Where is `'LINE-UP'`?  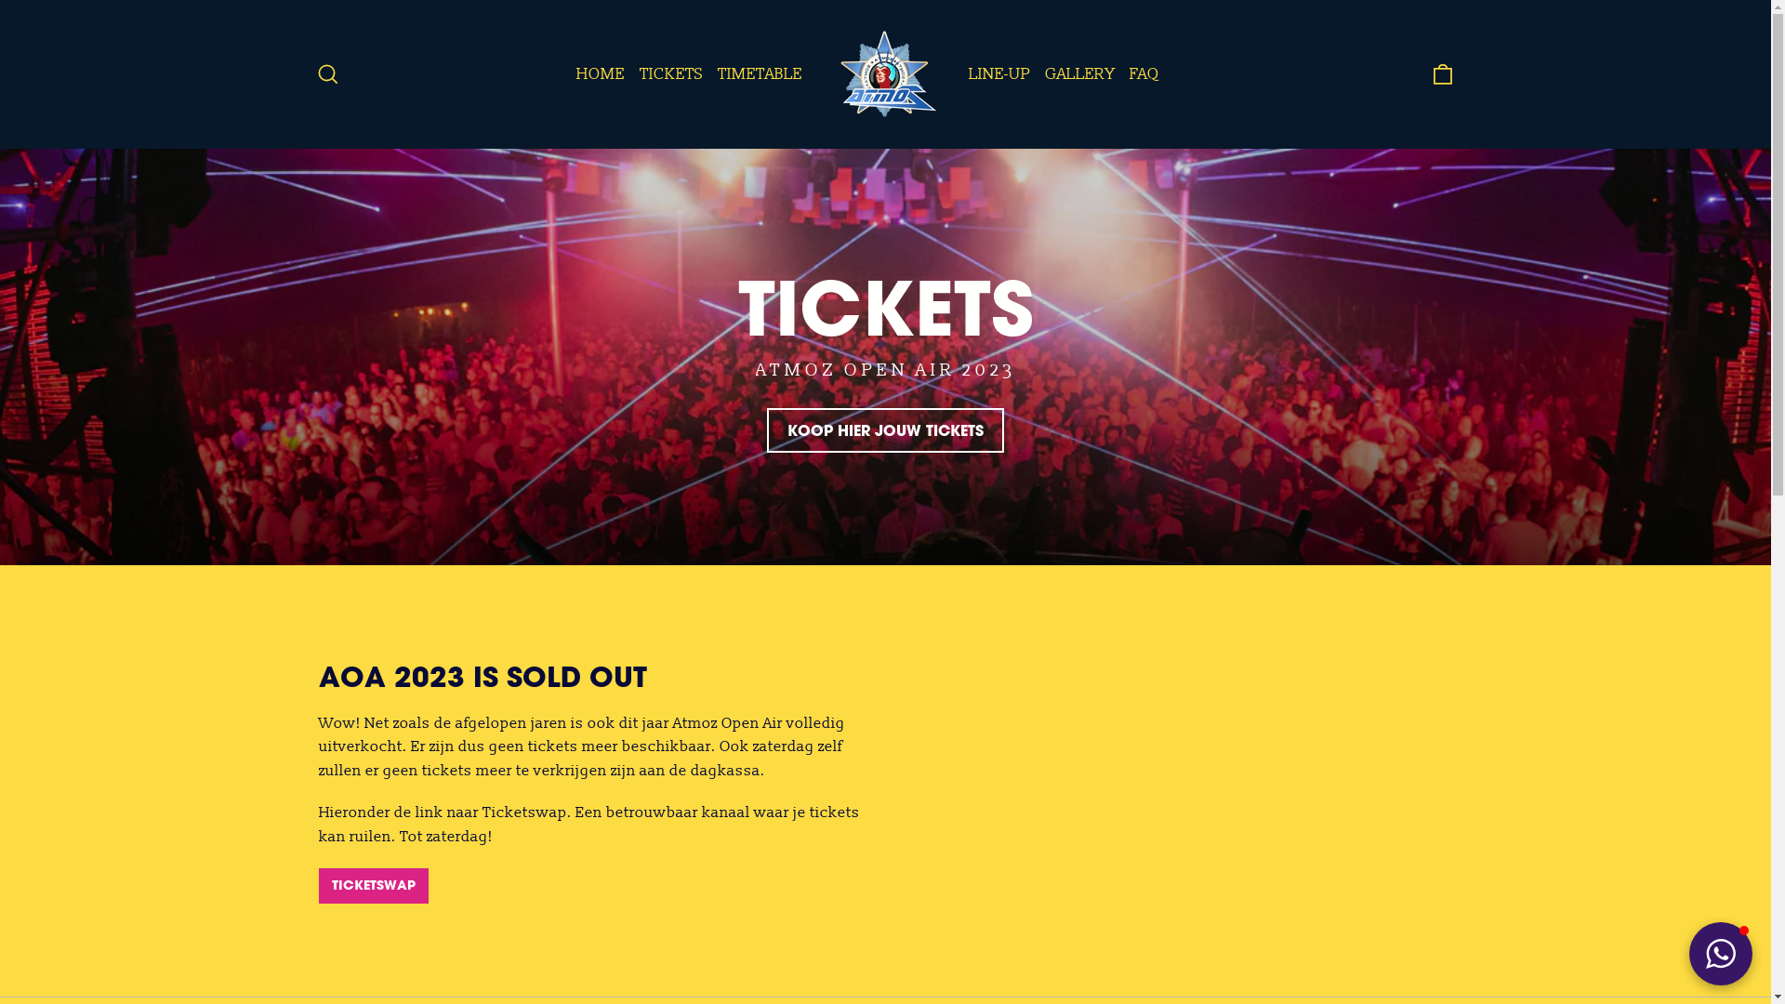
'LINE-UP' is located at coordinates (998, 73).